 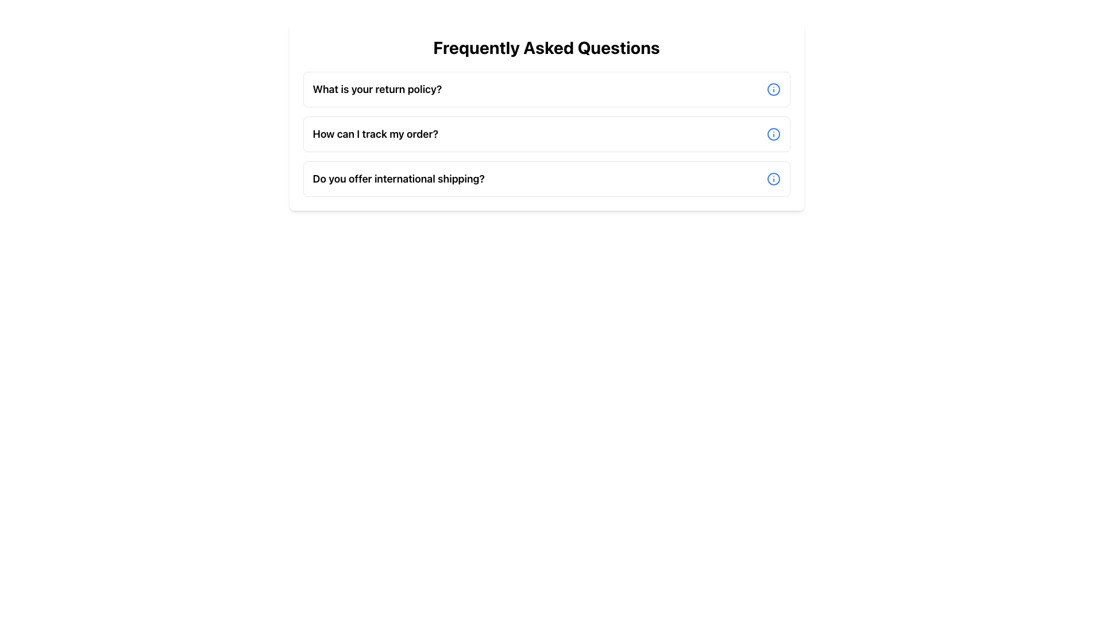 I want to click on the informational icon located at the far-right of the second question in the 'Frequently Asked Questions' section, so click(x=773, y=134).